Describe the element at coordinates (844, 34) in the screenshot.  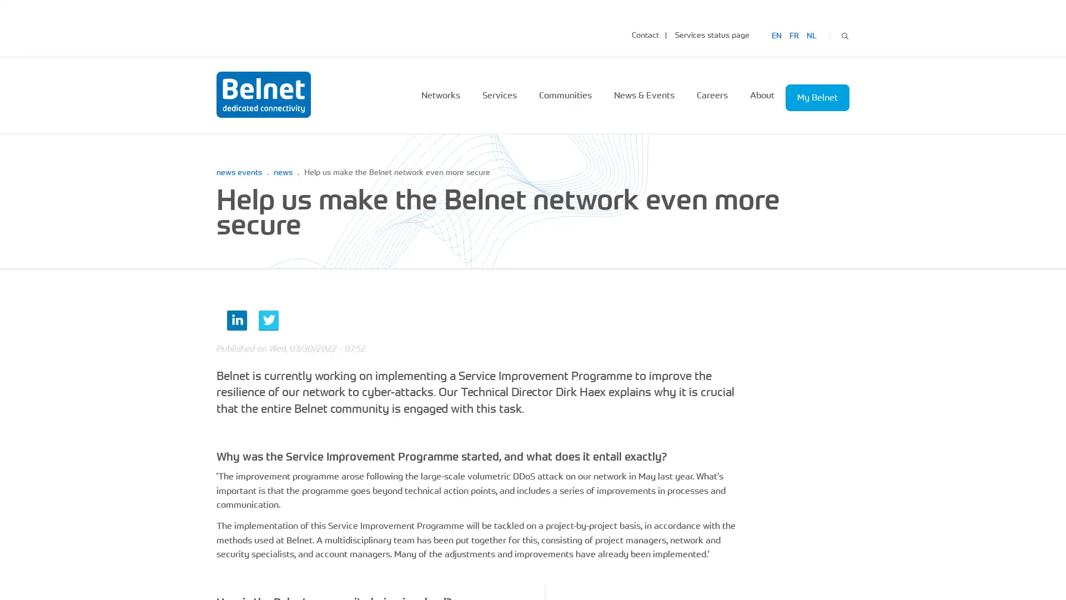
I see `Search` at that location.